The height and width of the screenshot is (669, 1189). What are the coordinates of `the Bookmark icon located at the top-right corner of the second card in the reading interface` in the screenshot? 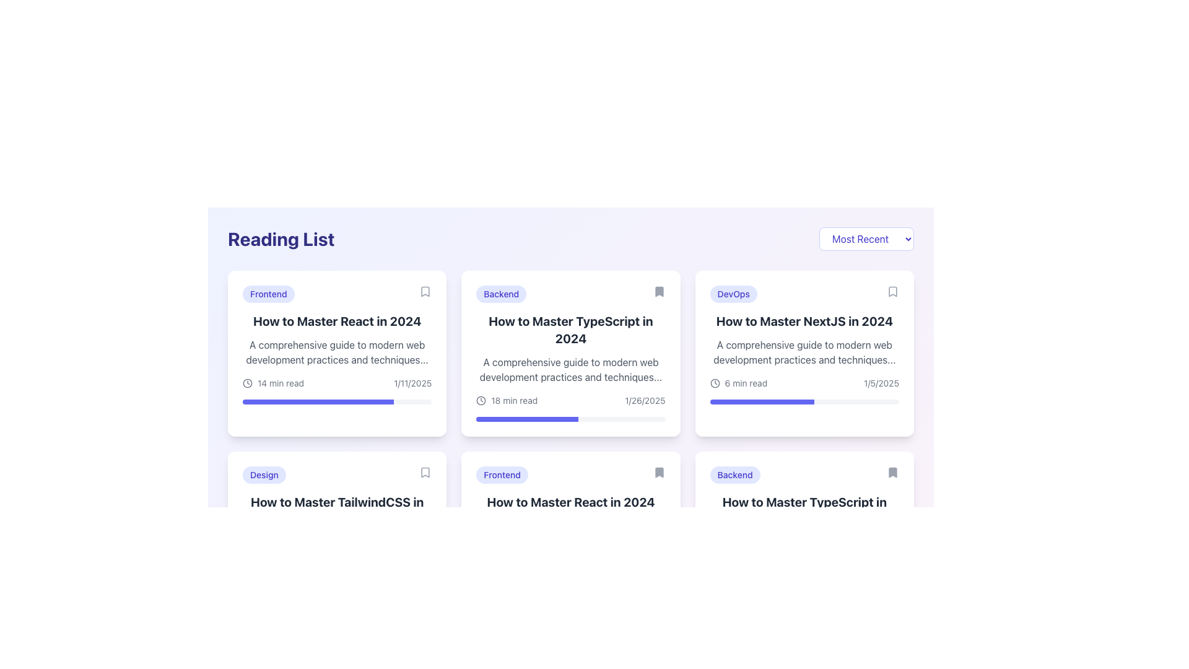 It's located at (658, 291).